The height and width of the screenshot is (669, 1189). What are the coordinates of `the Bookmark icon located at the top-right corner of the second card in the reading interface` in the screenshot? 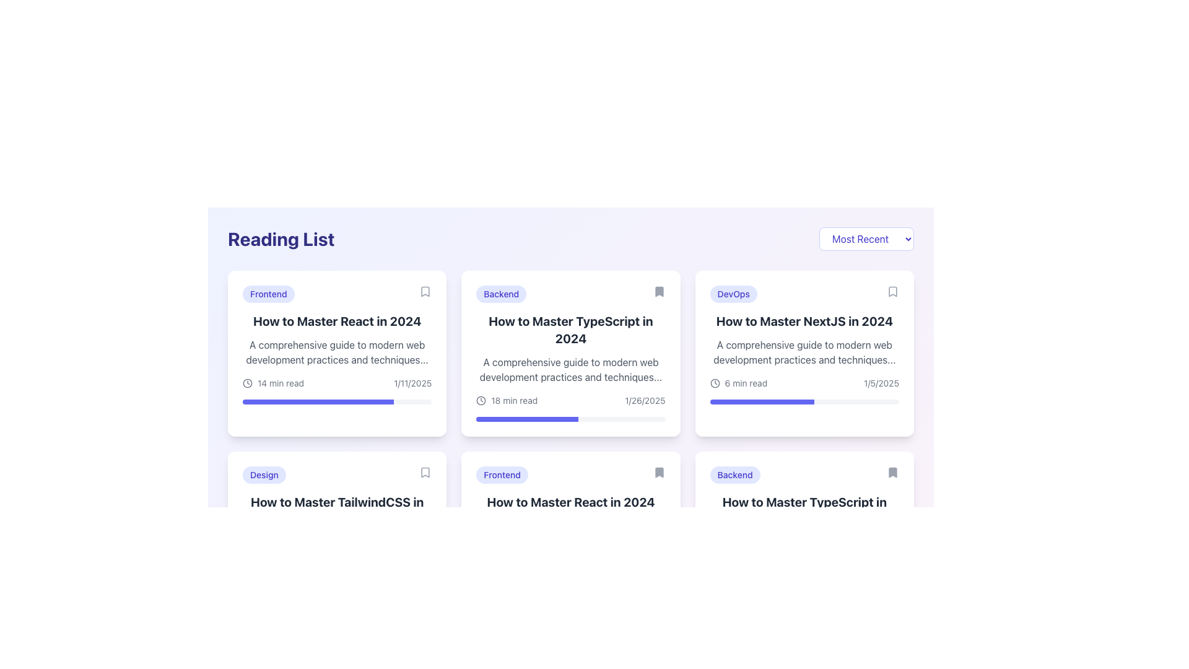 It's located at (658, 291).